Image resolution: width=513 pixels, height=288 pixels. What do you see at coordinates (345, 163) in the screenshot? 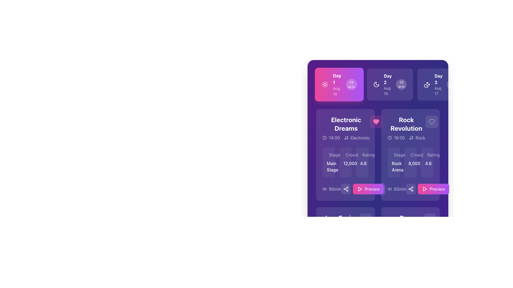
I see `the static text label displaying the numerical value '12,000' styled with a white font against a purple background, located in the 'Crowd' section of the event card for 'Electronic Dreams'` at bounding box center [345, 163].